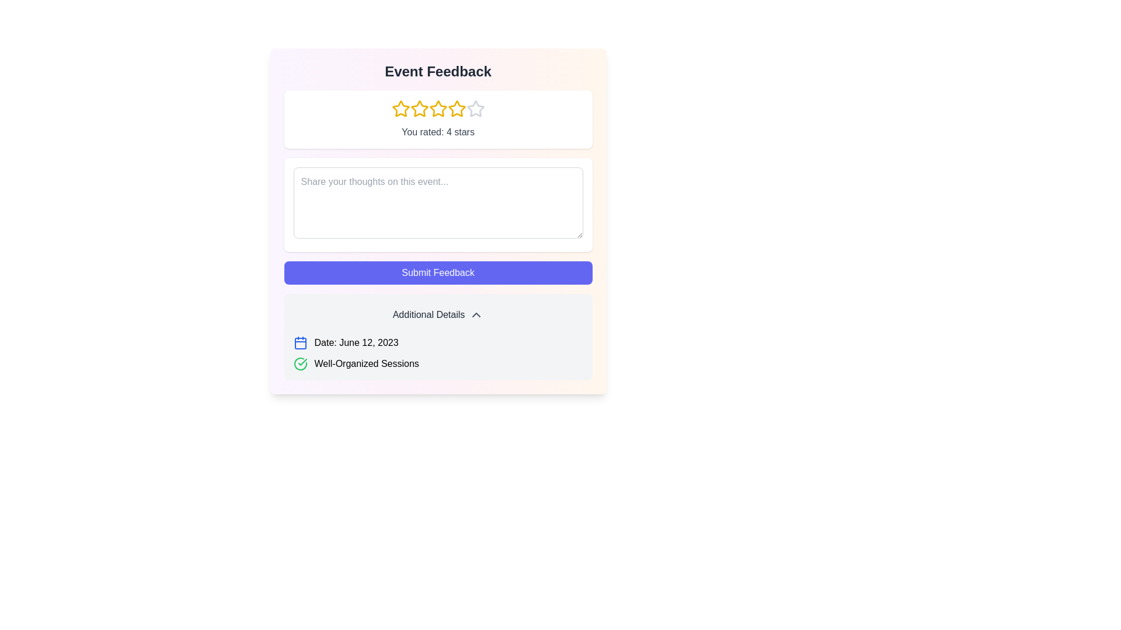  What do you see at coordinates (366, 363) in the screenshot?
I see `the text label displaying 'Well-Organized Sessions' which is located in the 'Additional Details' section and is positioned to the right of a green checkmark icon` at bounding box center [366, 363].